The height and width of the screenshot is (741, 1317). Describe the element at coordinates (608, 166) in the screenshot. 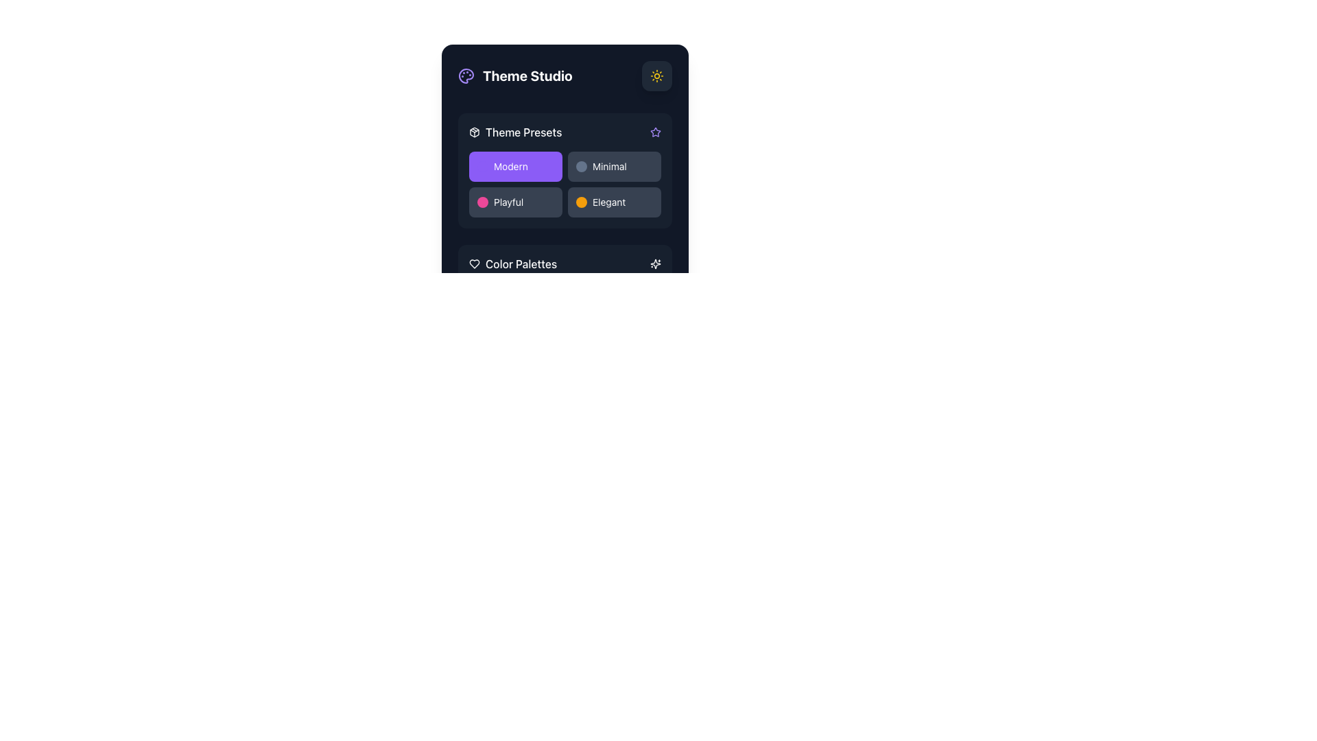

I see `text displayed in the 'Minimal' text label located in the upper-right part of the interface, inside a rounded rectangular button with a small gray circular icon to its left` at that location.